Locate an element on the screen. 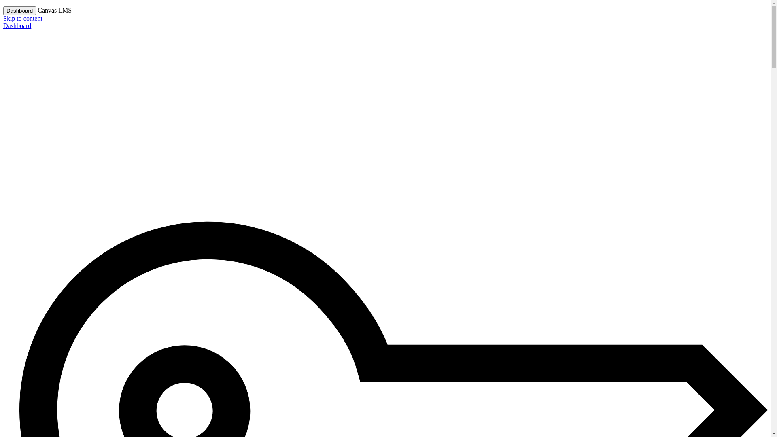 The image size is (777, 437). 'Dashboard' is located at coordinates (3, 11).